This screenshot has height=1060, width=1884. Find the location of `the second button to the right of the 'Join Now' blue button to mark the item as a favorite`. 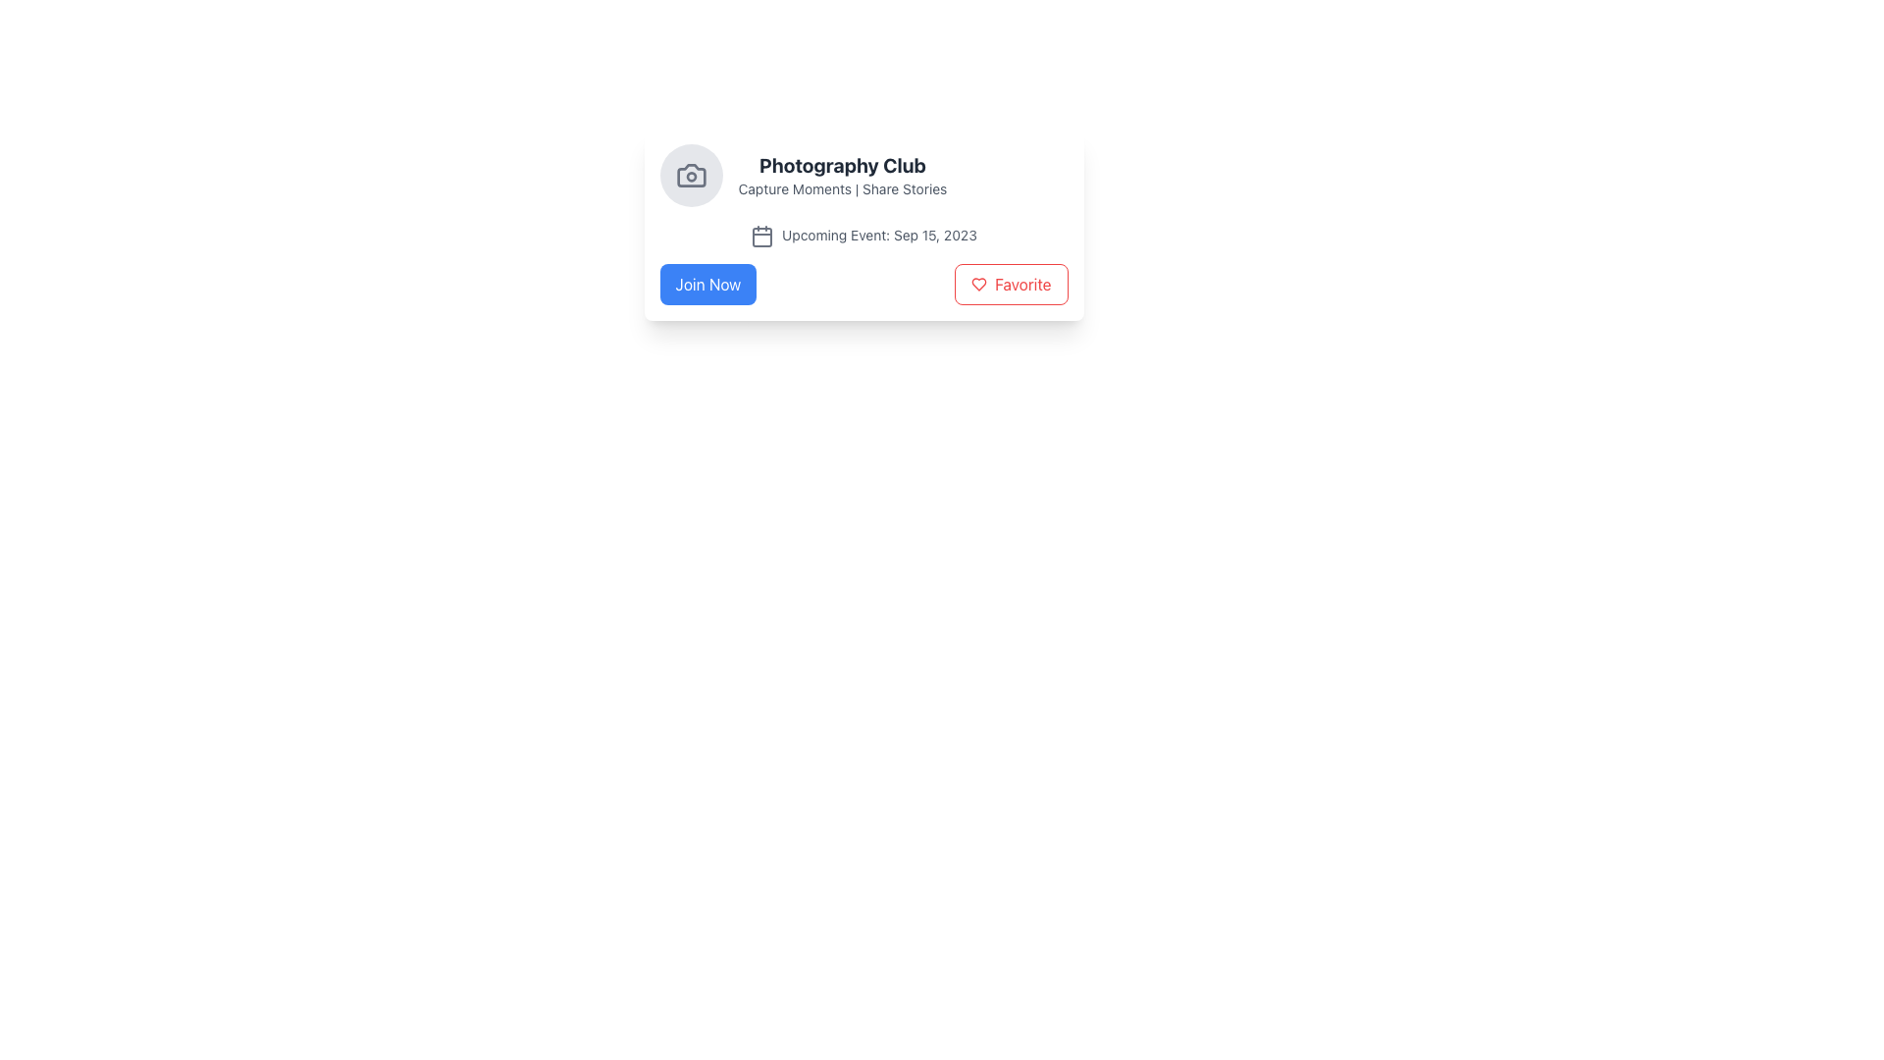

the second button to the right of the 'Join Now' blue button to mark the item as a favorite is located at coordinates (1011, 284).